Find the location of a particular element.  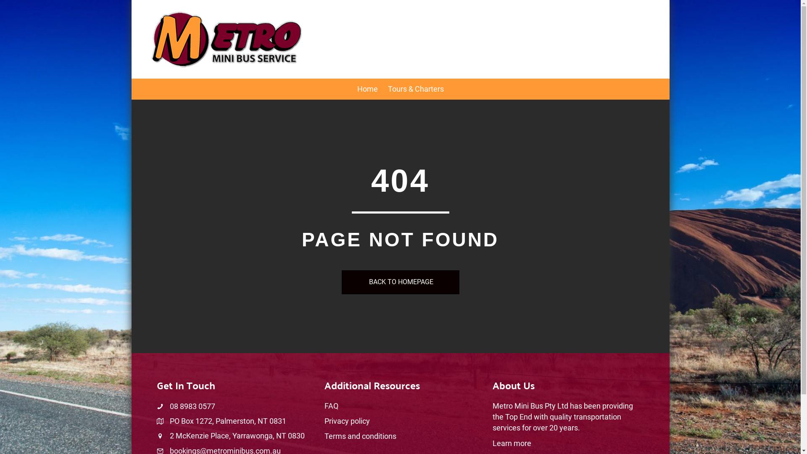

'Tours & Charters' is located at coordinates (382, 89).